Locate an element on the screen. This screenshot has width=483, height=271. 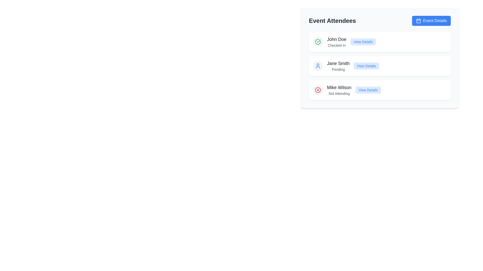
the attendee name text label located under the 'Event Attendees' section, which is positioned centrally in the row next to a green checkmark icon is located at coordinates (337, 39).